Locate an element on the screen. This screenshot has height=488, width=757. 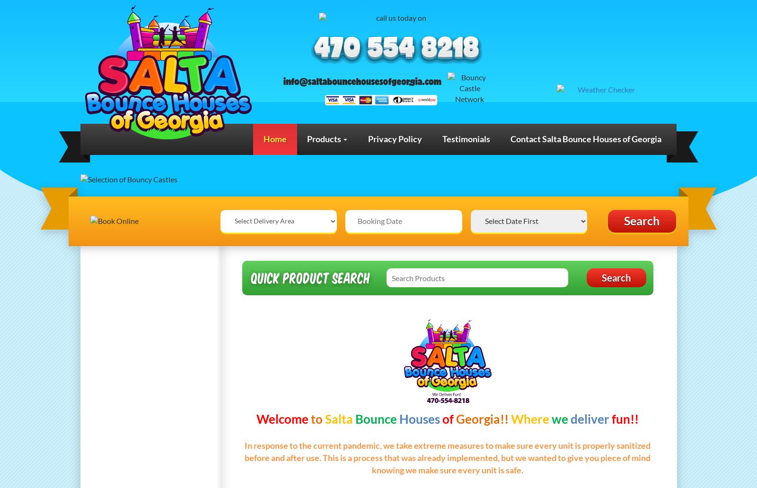
'Welcome' is located at coordinates (282, 418).